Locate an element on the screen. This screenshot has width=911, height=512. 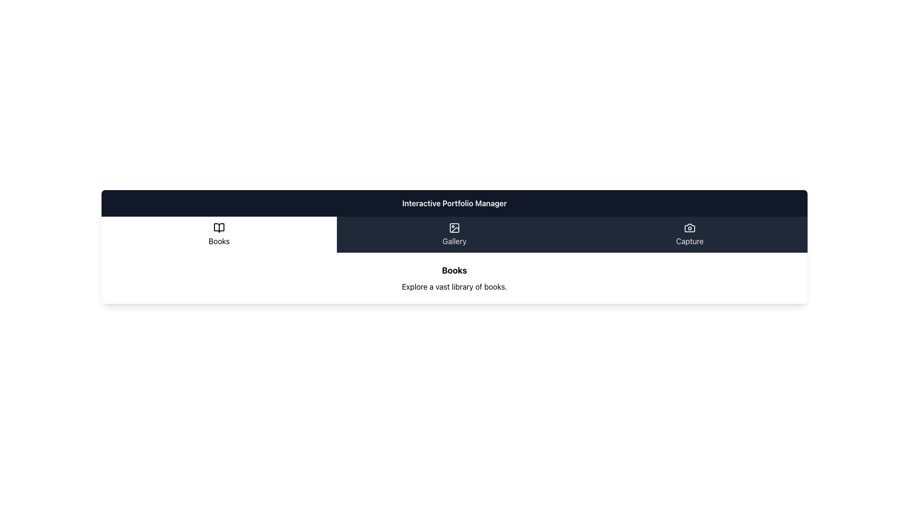
the 'Books' text label, which serves as a label for the corresponding section within the navigation area is located at coordinates (218, 241).